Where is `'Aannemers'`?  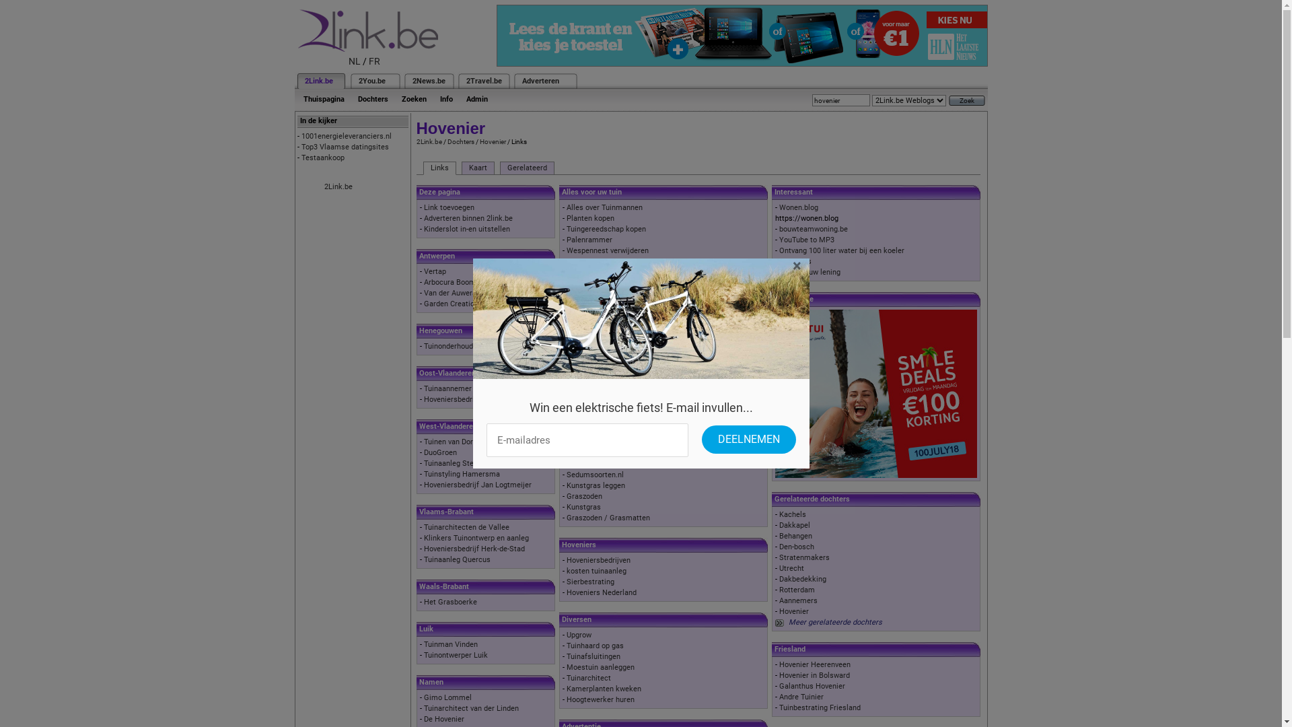 'Aannemers' is located at coordinates (779, 600).